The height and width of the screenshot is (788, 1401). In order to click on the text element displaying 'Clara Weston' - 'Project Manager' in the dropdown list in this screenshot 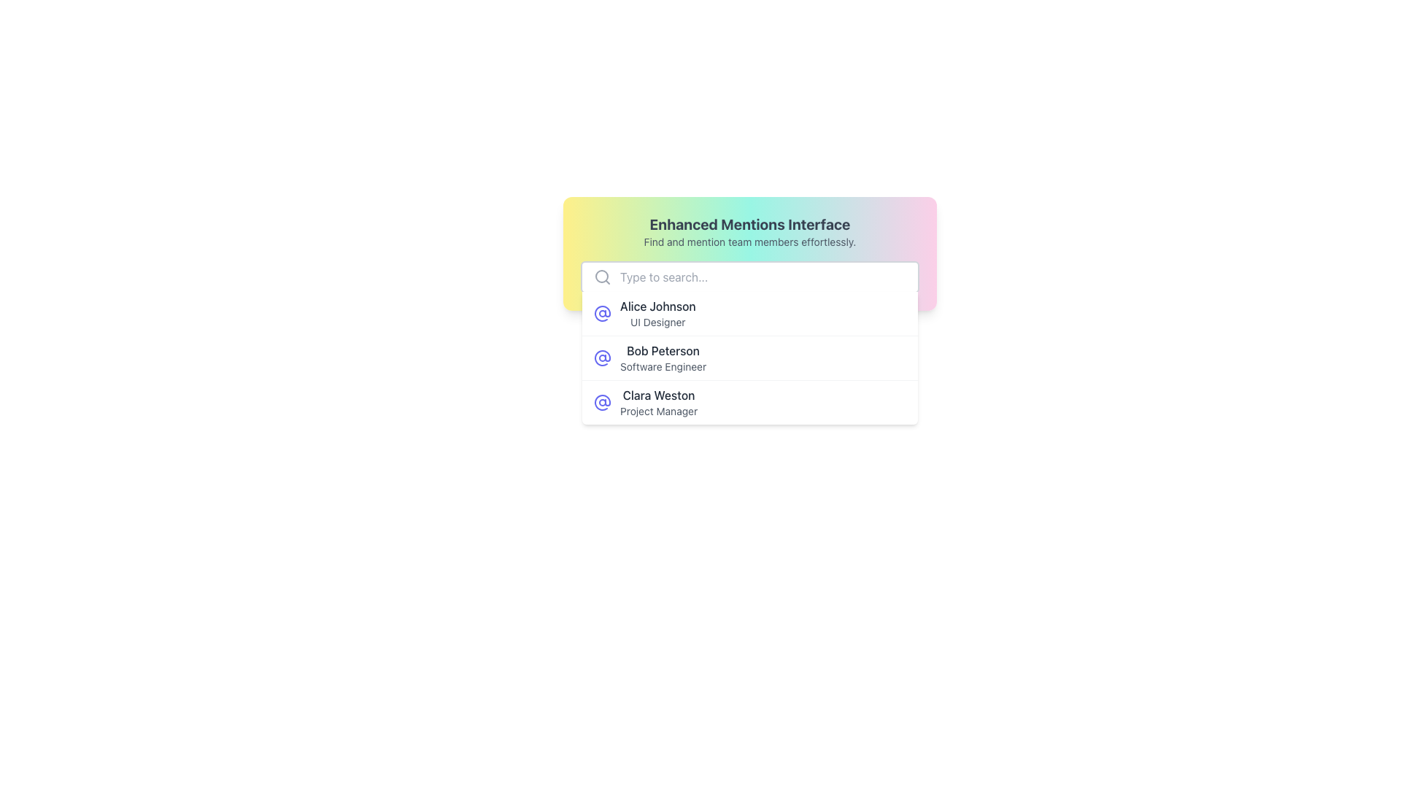, I will do `click(658, 402)`.